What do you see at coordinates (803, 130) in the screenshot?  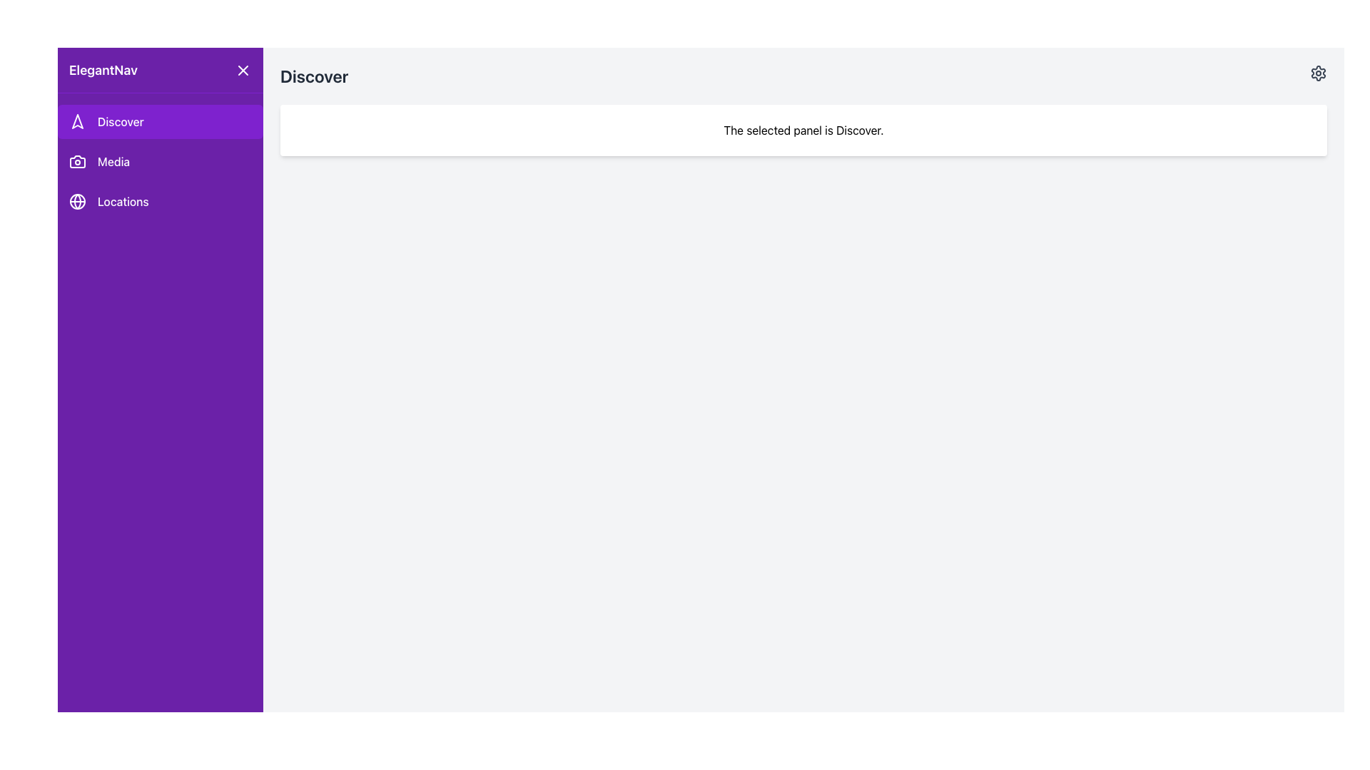 I see `status message displayed in the white card-like section below the 'Discover' header, indicating the current active panel or section` at bounding box center [803, 130].